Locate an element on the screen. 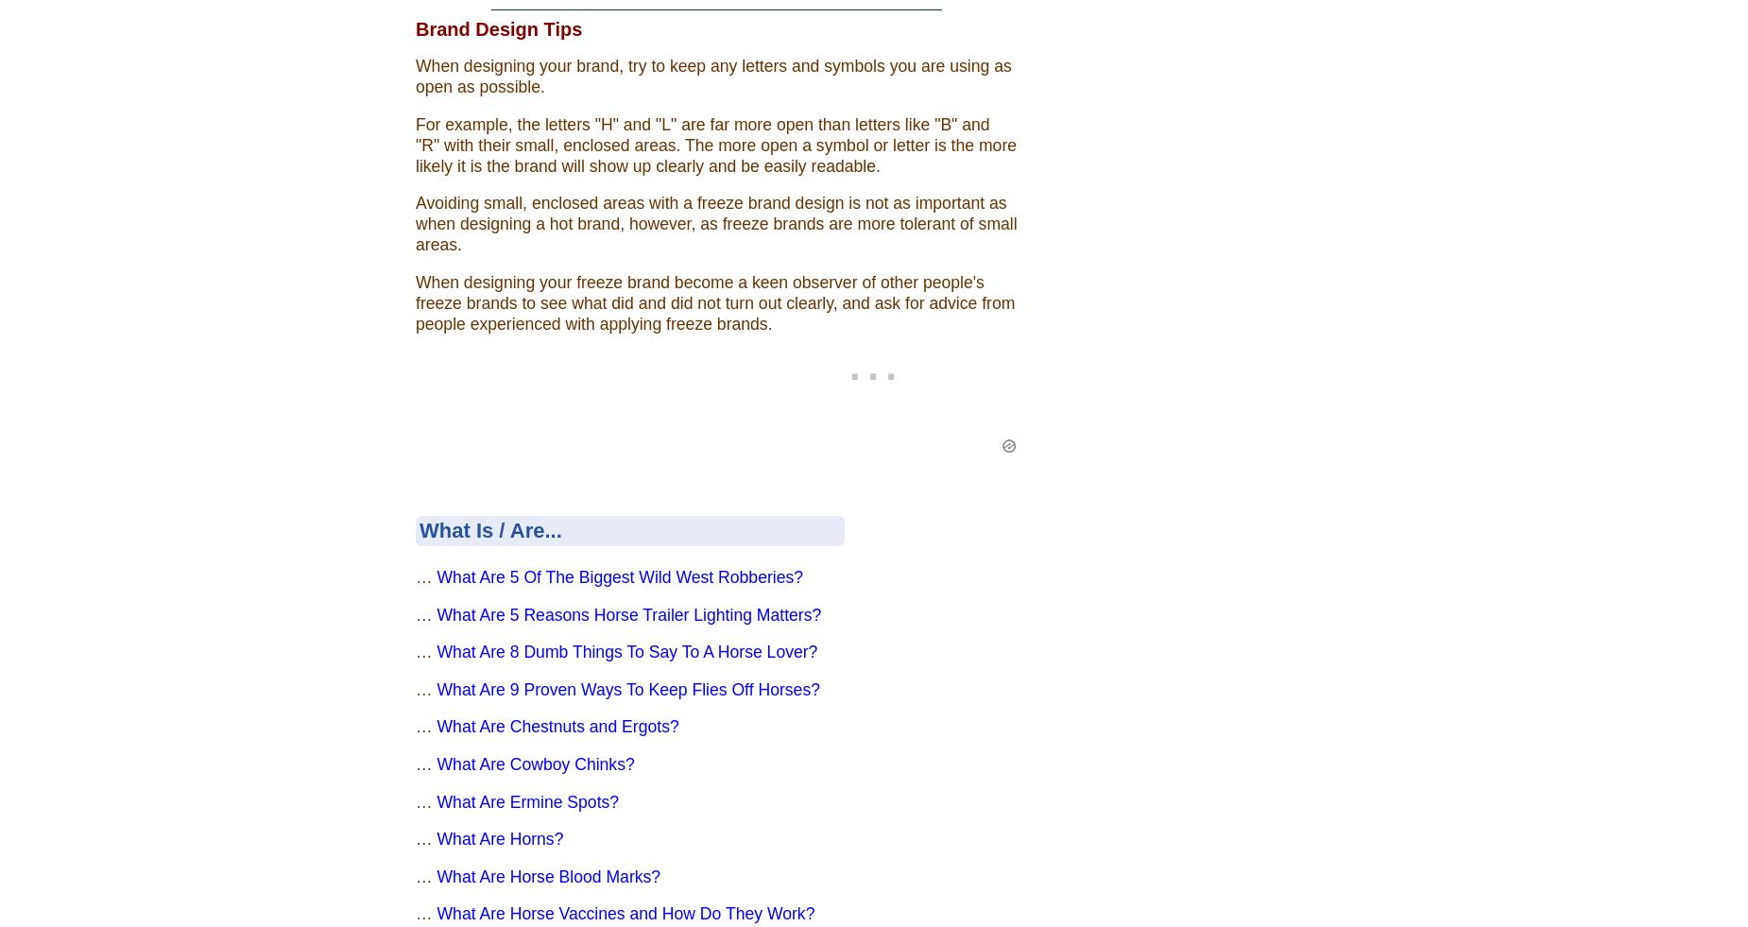 Image resolution: width=1748 pixels, height=927 pixels. 'What Are 5 Reasons Horse Trailer Lighting Matters?' is located at coordinates (628, 614).